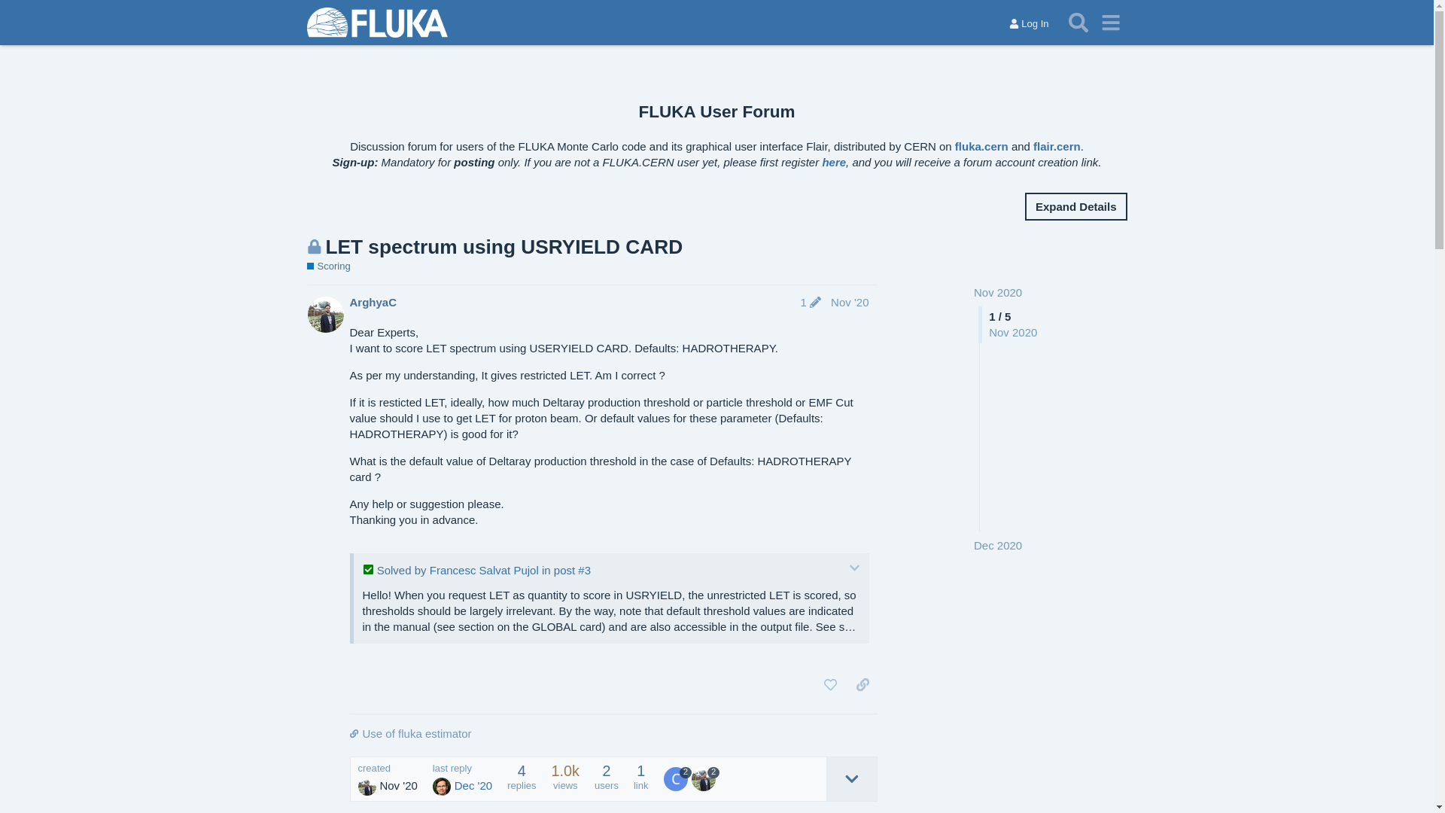  I want to click on 'Francesc Salvat Pujol', so click(484, 570).